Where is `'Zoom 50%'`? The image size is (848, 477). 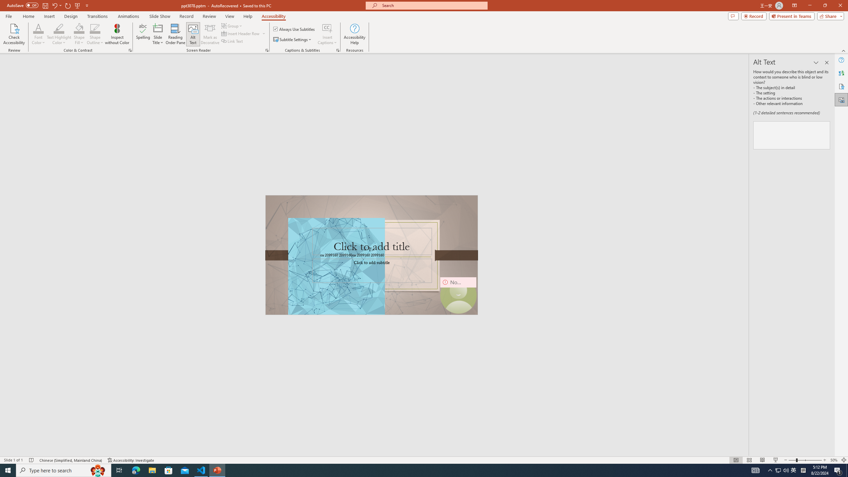
'Zoom 50%' is located at coordinates (833, 460).